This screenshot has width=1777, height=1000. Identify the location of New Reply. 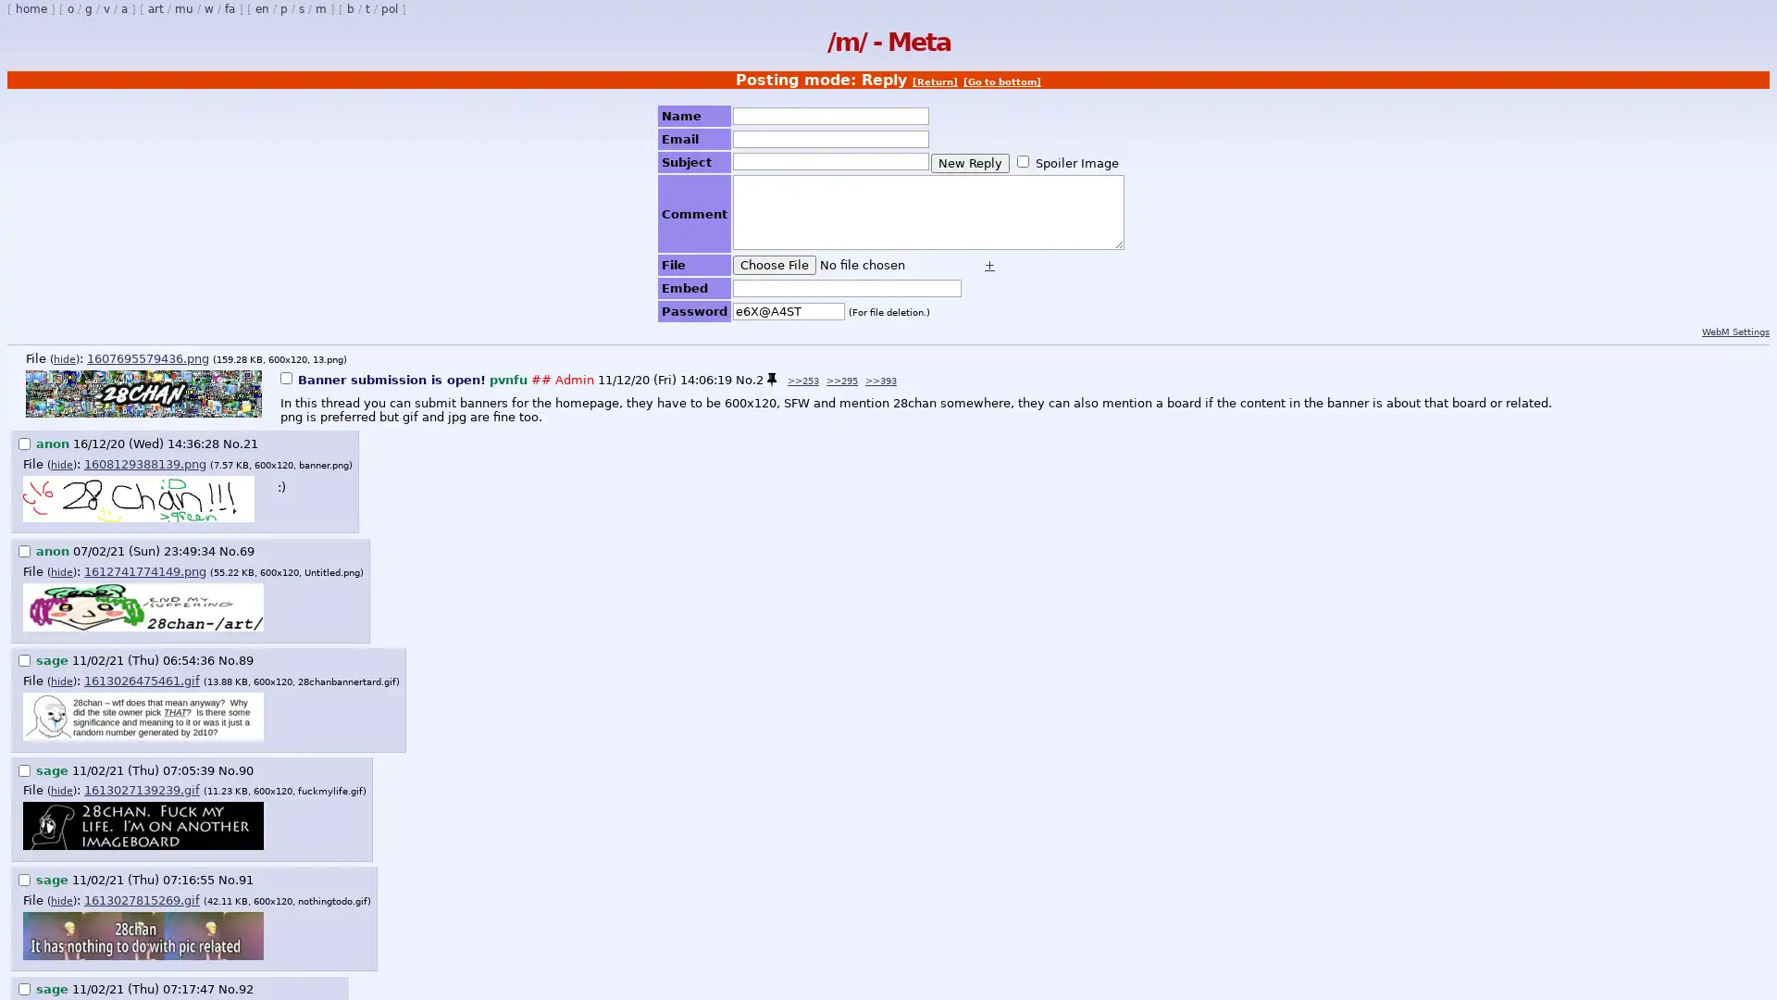
(969, 161).